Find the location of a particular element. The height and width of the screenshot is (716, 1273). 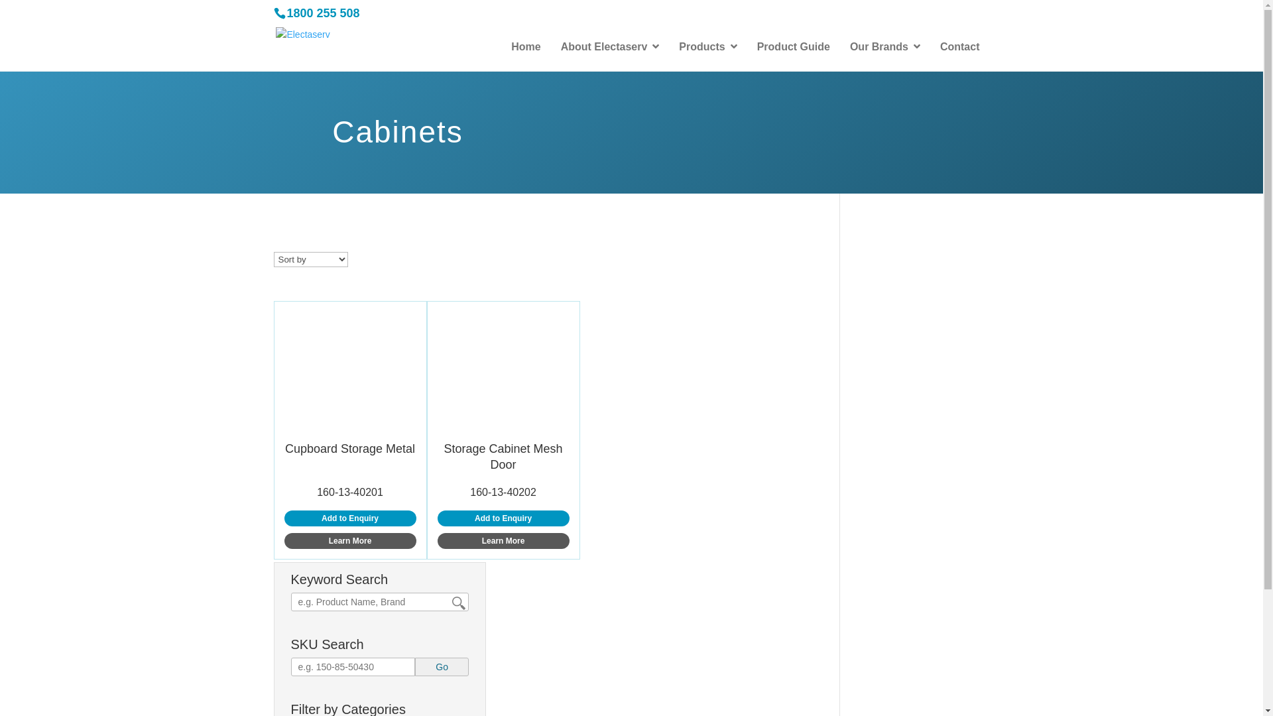

'Product Guide' is located at coordinates (793, 46).